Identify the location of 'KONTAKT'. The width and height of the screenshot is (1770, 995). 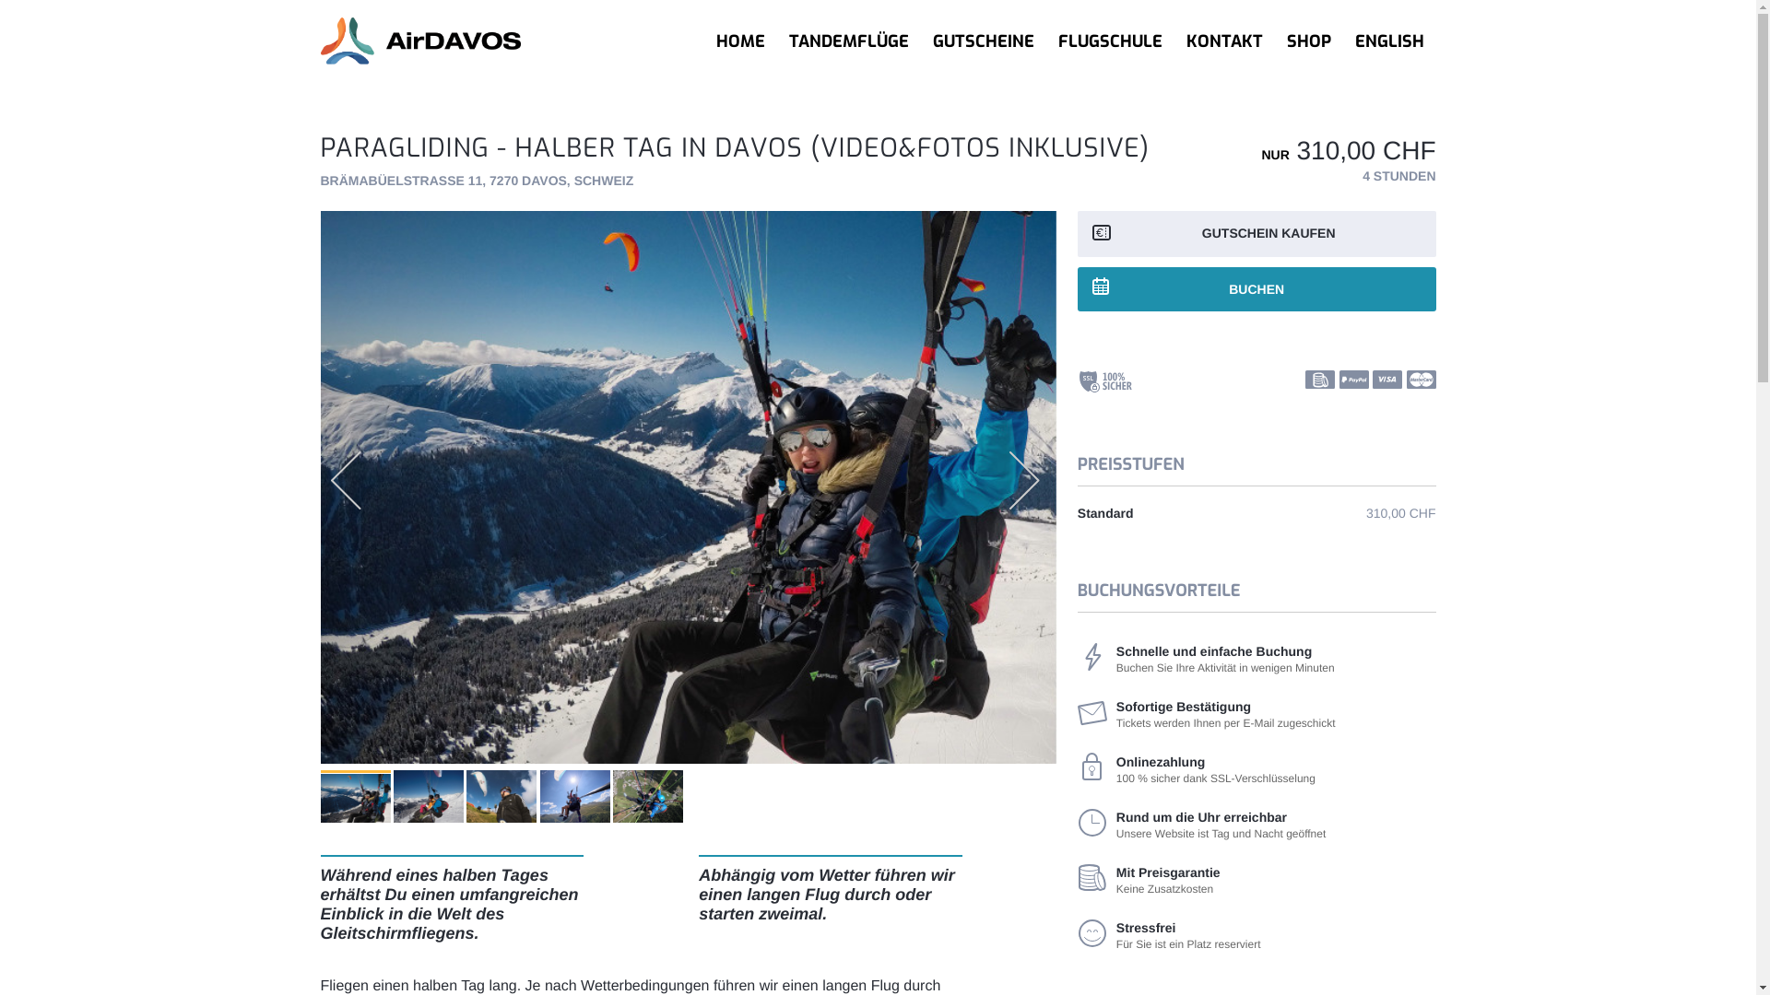
(1224, 41).